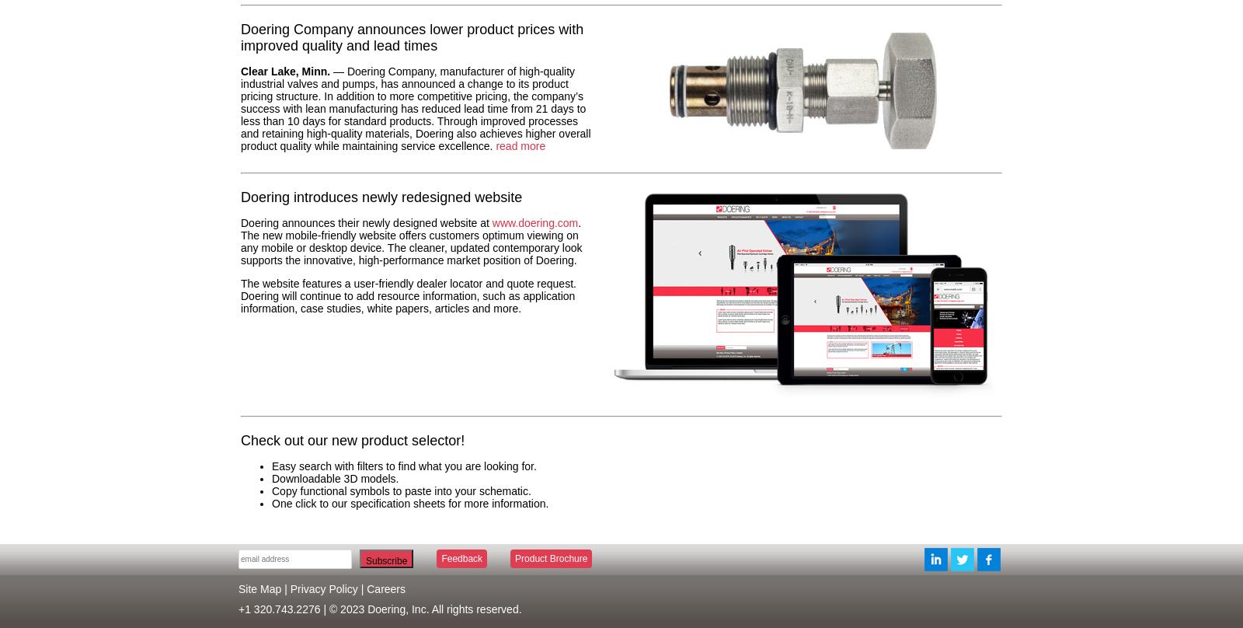  What do you see at coordinates (407, 295) in the screenshot?
I see `'The website features a user-friendly dealer locator and quote request. Doering will continue to add resource information, such as application information, case studies, white papers, articles and more.'` at bounding box center [407, 295].